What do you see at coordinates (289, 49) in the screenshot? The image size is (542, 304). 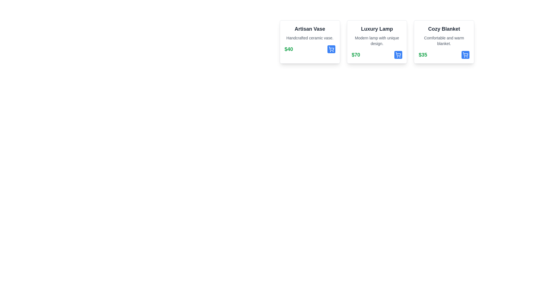 I see `the price text label located in the bottom portion of the leftmost card, which is immediately to the left of the shopping cart icon` at bounding box center [289, 49].